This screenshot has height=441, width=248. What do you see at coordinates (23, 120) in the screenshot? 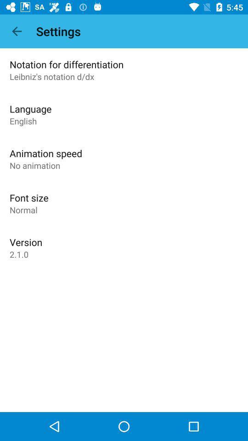
I see `the item below the language` at bounding box center [23, 120].